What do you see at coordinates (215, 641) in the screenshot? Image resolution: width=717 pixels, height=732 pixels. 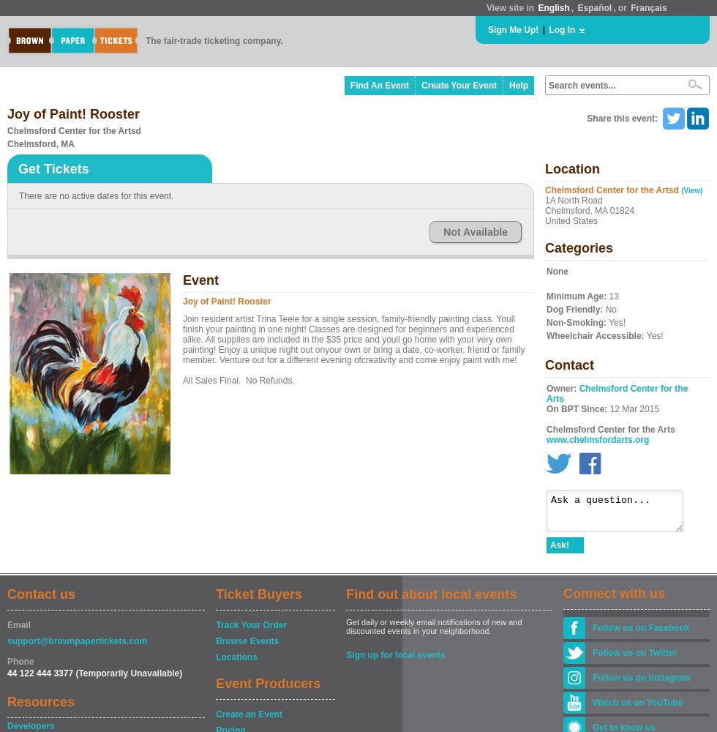 I see `'Browse Events'` at bounding box center [215, 641].